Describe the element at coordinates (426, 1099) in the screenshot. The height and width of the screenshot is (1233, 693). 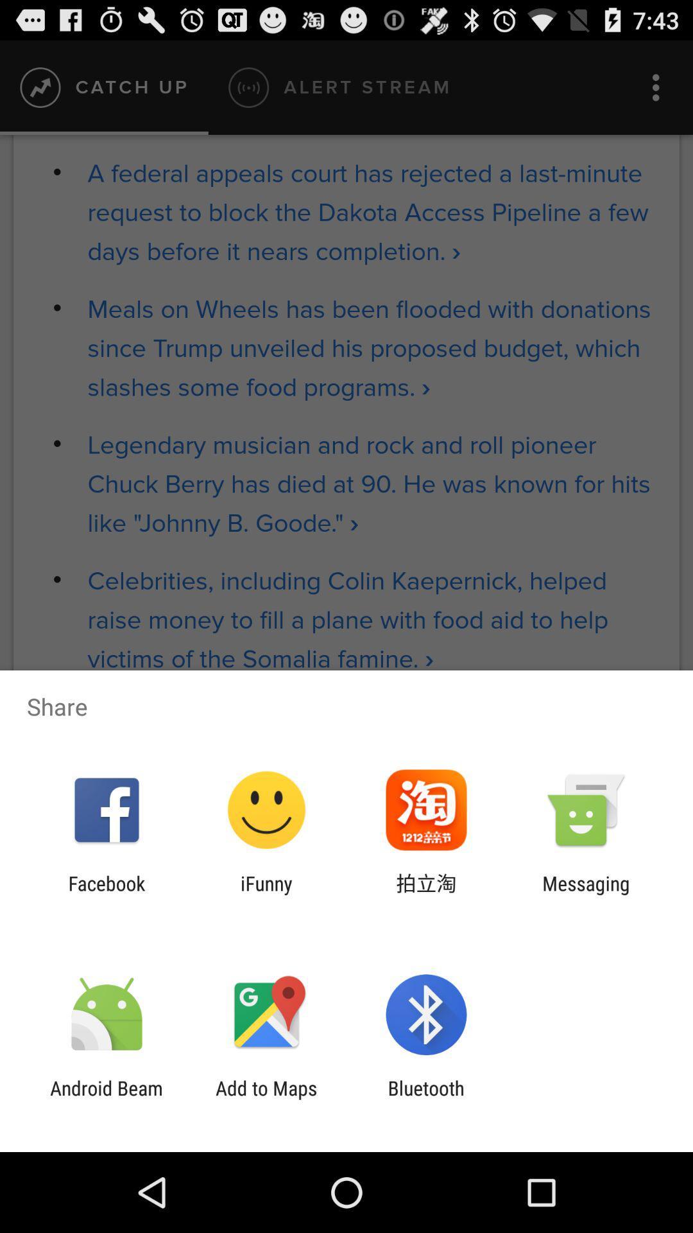
I see `the app next to the add to maps item` at that location.